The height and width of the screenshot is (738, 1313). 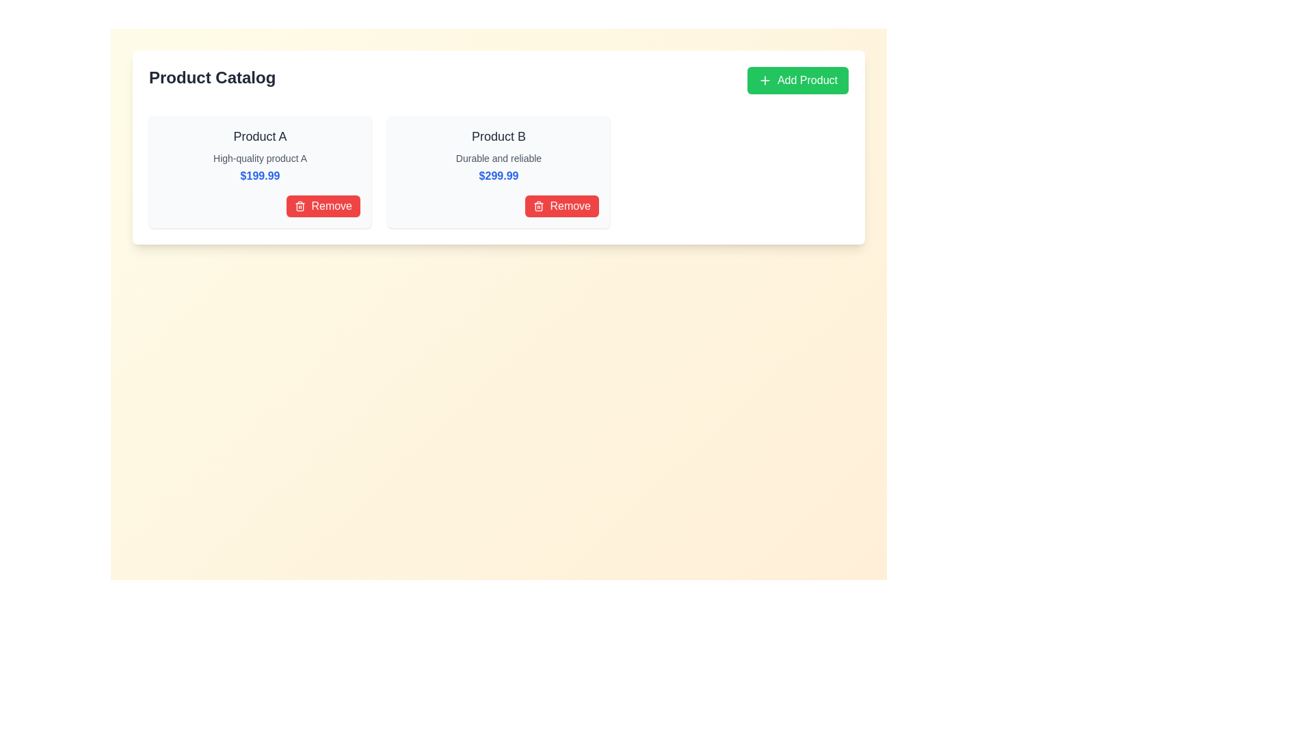 I want to click on the text label displaying 'High-quality product A', which is located within the gray box for 'Product A', to associate clicking actions with surrounding elements, so click(x=260, y=157).